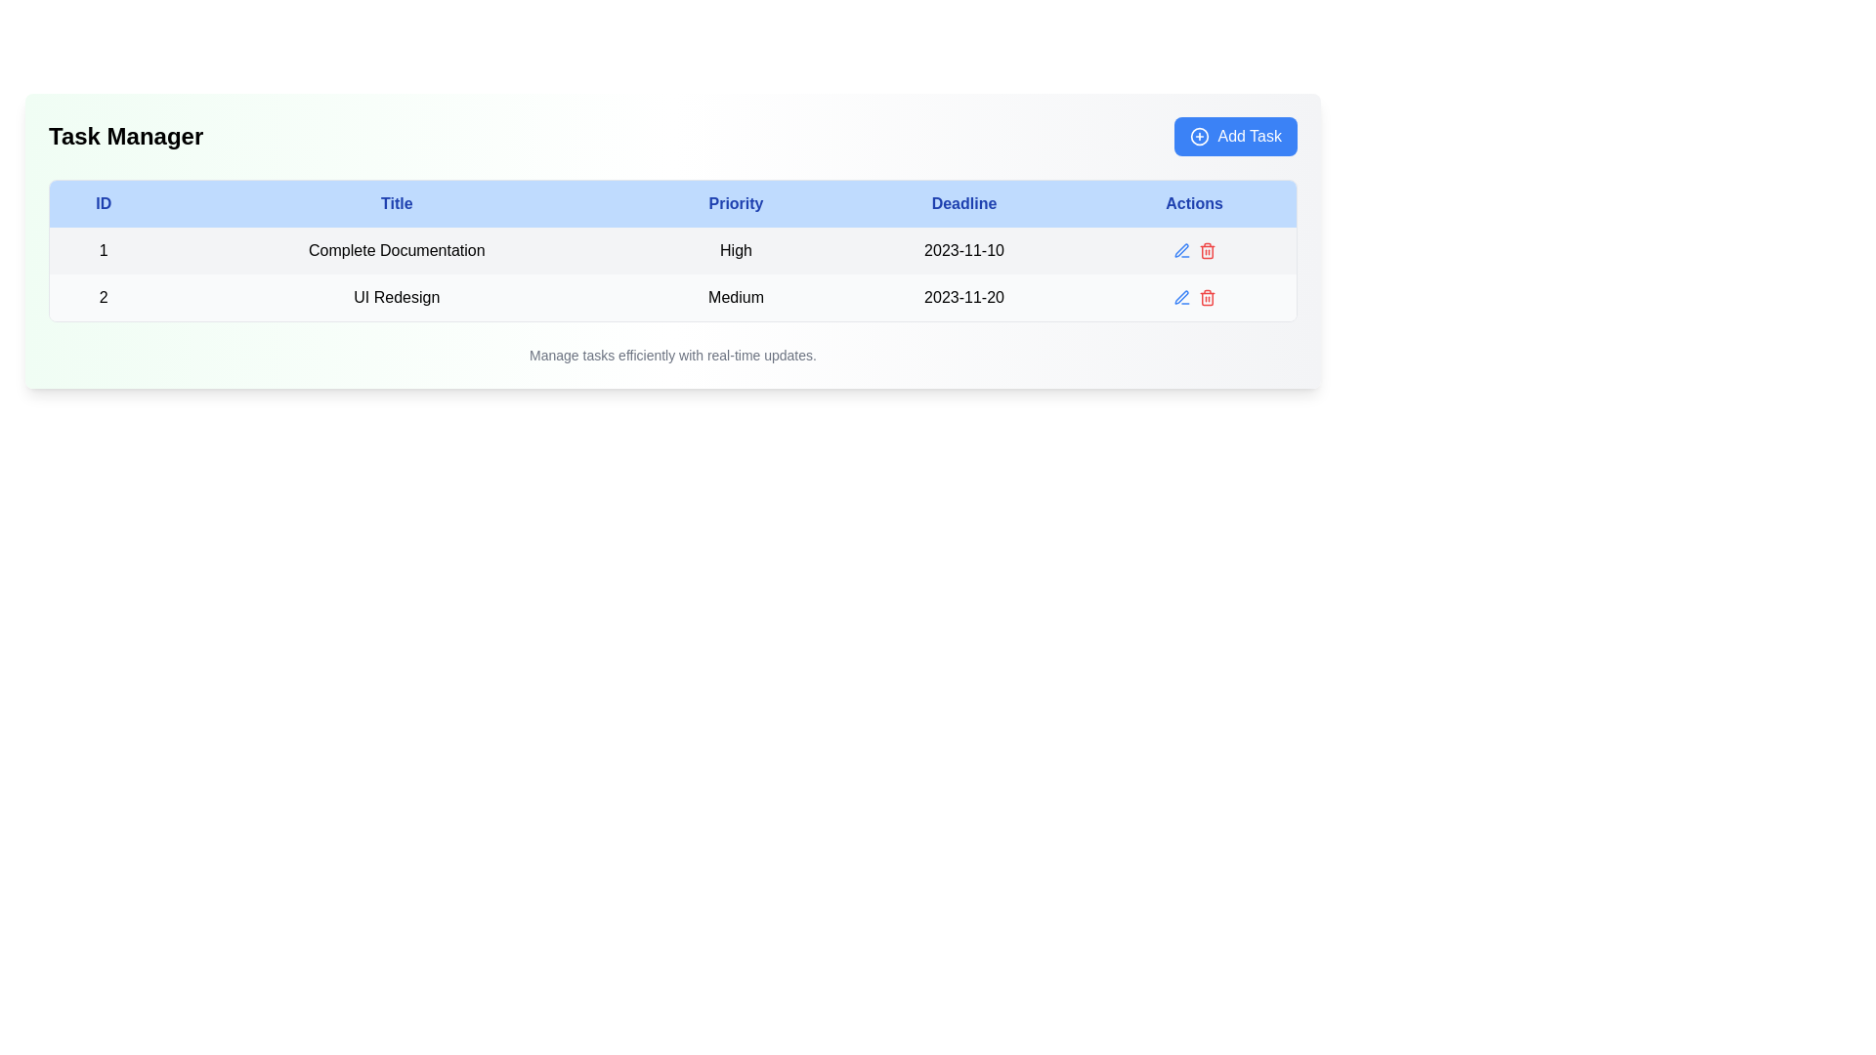 The width and height of the screenshot is (1876, 1055). What do you see at coordinates (735, 203) in the screenshot?
I see `the text label in the third column of the table header that indicates task priority, located between the 'Title' and 'Deadline' columns` at bounding box center [735, 203].